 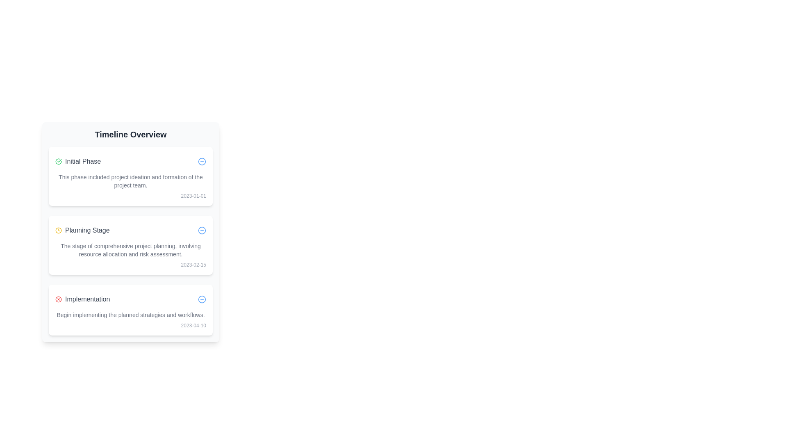 What do you see at coordinates (130, 181) in the screenshot?
I see `the text element that provides an overview of the activities or objectives involved in the initial phase of the project, located below the heading 'Initial Phase.'` at bounding box center [130, 181].